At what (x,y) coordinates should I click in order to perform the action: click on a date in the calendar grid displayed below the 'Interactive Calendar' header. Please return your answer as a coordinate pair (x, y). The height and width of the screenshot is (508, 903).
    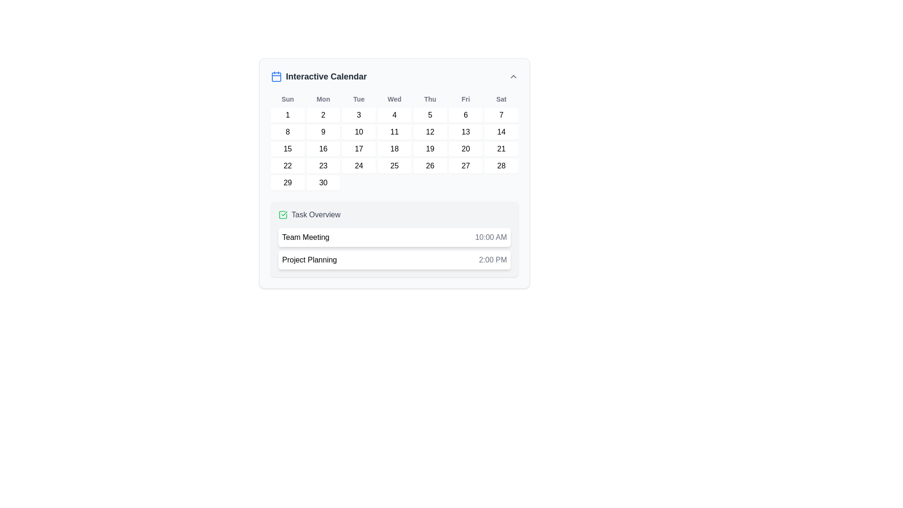
    Looking at the image, I should click on (395, 143).